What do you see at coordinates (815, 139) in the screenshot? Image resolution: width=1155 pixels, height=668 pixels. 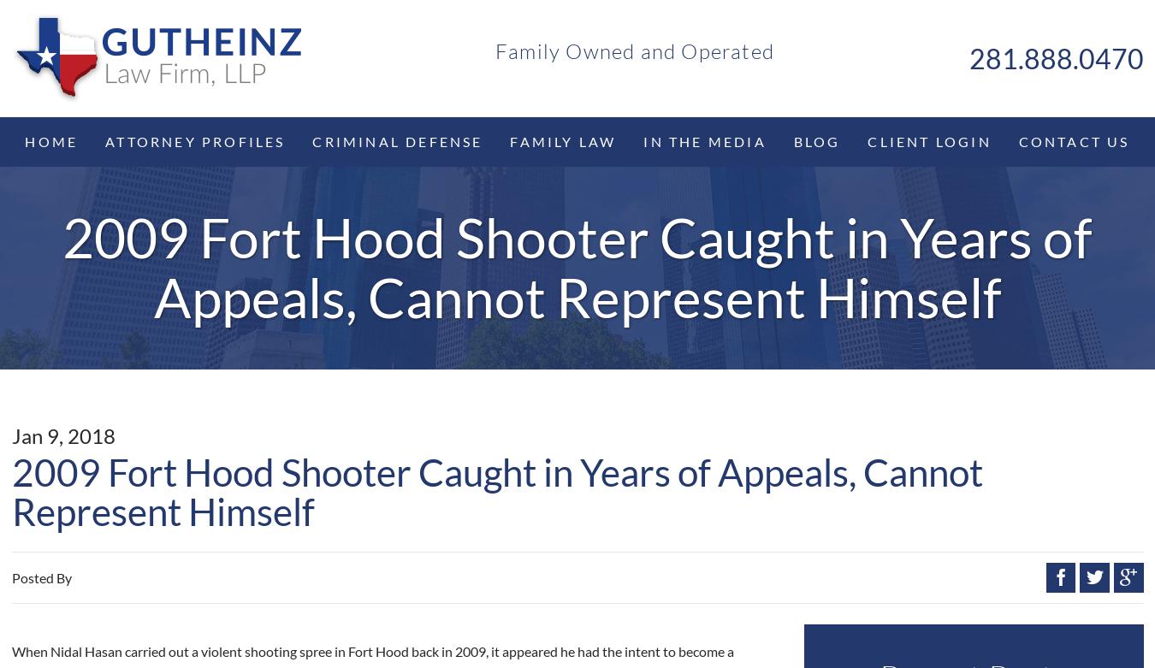 I see `'Blog'` at bounding box center [815, 139].